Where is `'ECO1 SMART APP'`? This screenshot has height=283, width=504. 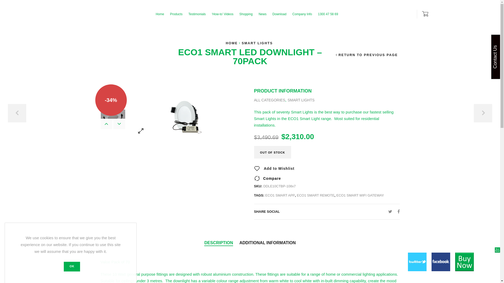 'ECO1 SMART APP' is located at coordinates (280, 195).